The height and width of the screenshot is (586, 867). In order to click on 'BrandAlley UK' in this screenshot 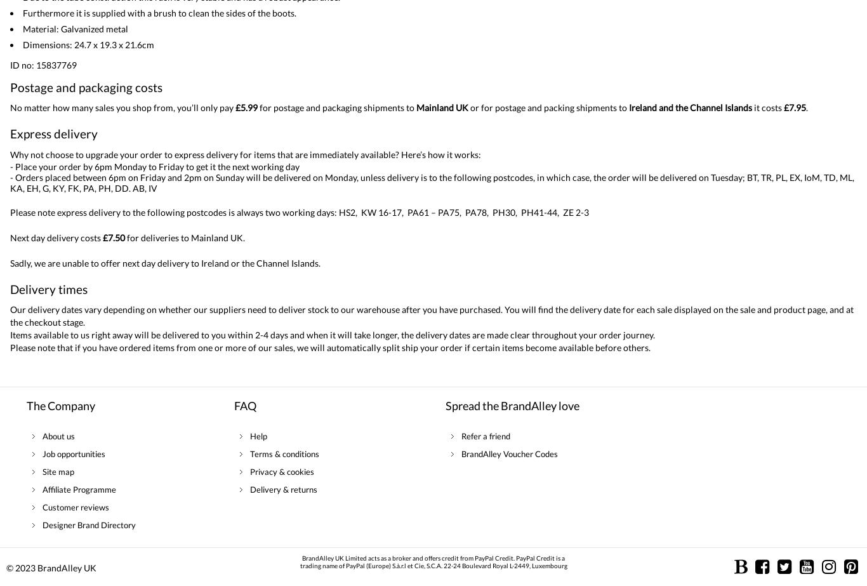, I will do `click(67, 566)`.